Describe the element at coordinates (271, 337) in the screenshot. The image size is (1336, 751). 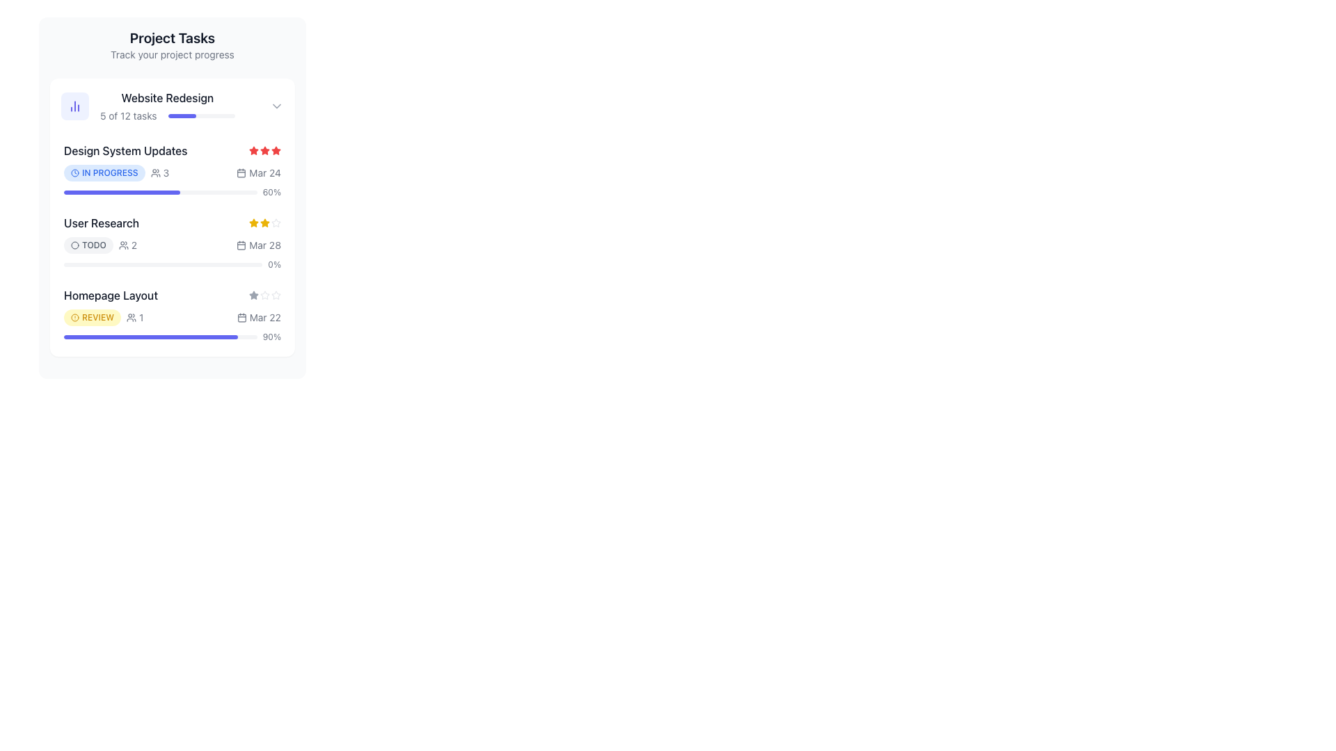
I see `the static text label displaying '90%' at the end of the progress bar in the 'Homepage Layout' task card` at that location.